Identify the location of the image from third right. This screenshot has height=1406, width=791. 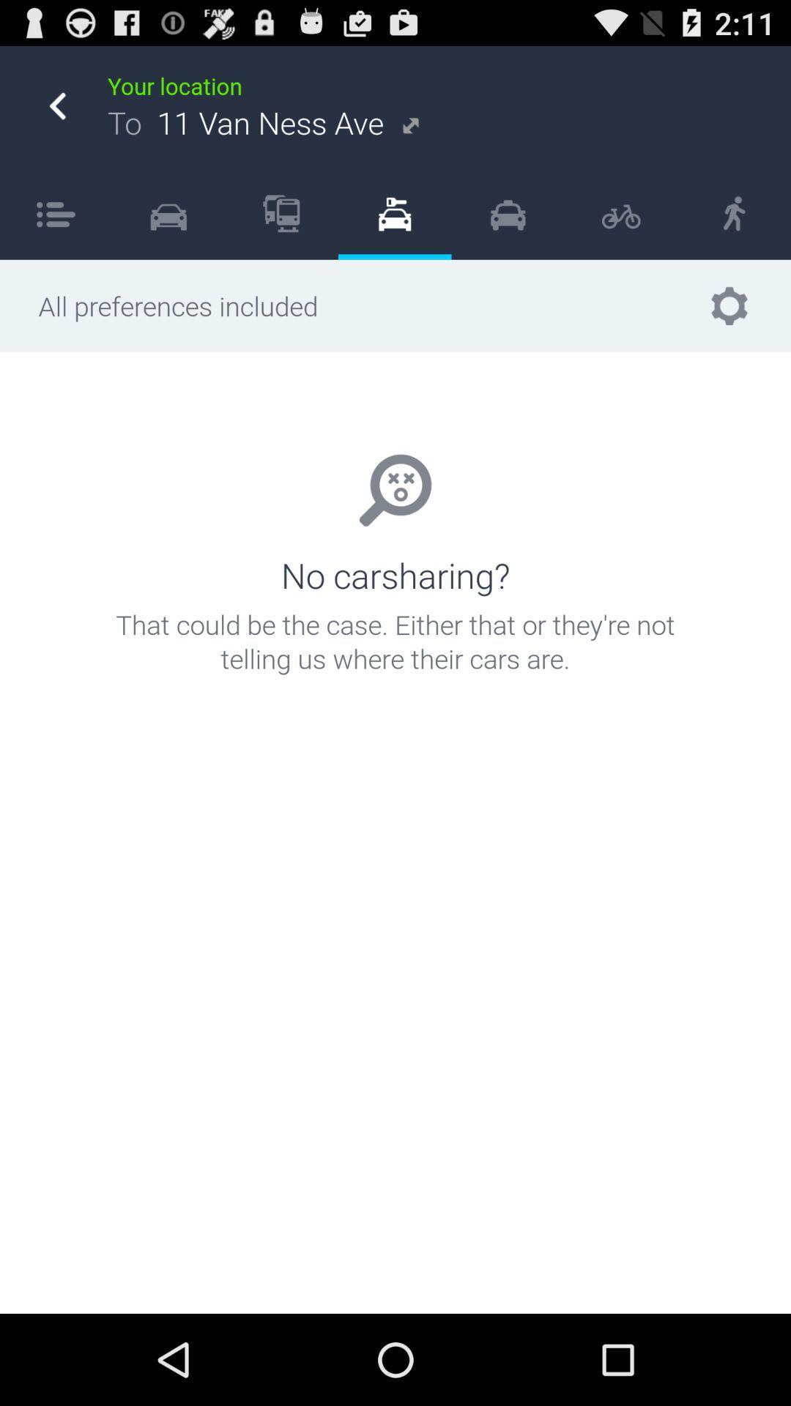
(508, 213).